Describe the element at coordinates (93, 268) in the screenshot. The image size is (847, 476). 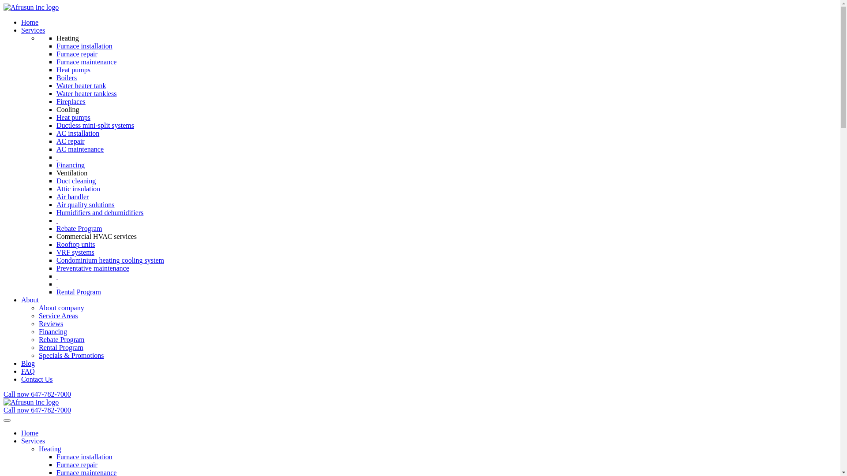
I see `'Preventative maintenance'` at that location.